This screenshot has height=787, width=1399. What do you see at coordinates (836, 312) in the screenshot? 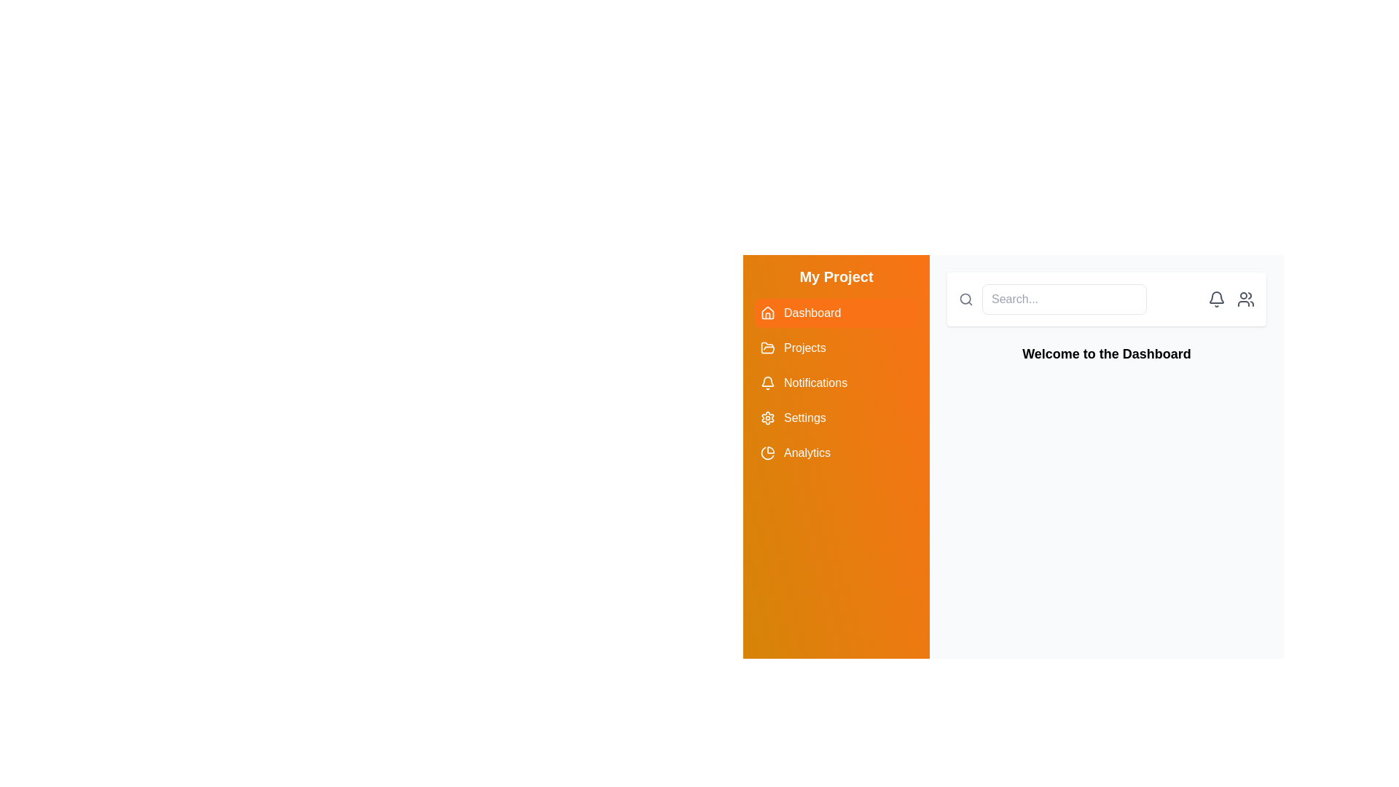
I see `the navigation button located in the left sidebar, directly above the 'Projects' element and below the section header 'My Project'` at bounding box center [836, 312].